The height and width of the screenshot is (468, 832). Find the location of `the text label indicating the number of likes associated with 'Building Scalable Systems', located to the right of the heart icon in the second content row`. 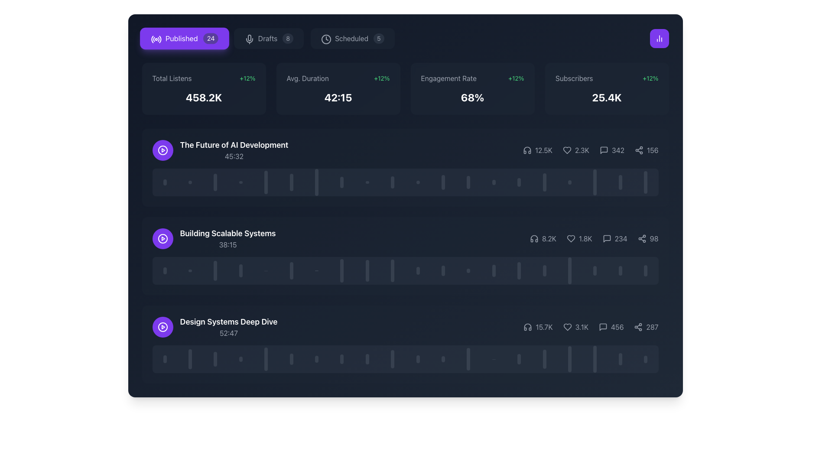

the text label indicating the number of likes associated with 'Building Scalable Systems', located to the right of the heart icon in the second content row is located at coordinates (585, 239).